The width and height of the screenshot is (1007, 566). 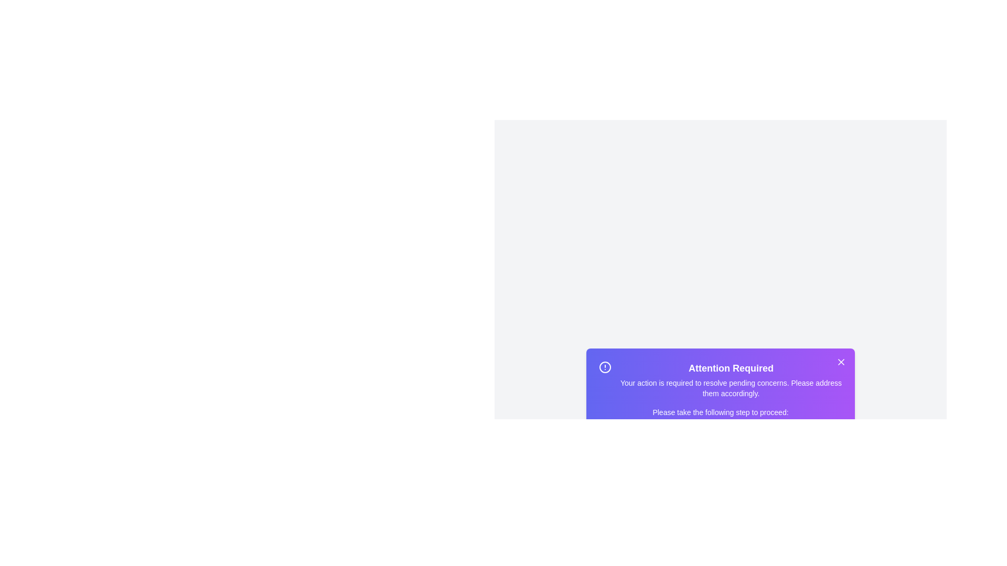 I want to click on the static text element that provides users with informative instructions about pending concerns, located below the heading 'Attention Required' in the popup modal, so click(x=730, y=388).